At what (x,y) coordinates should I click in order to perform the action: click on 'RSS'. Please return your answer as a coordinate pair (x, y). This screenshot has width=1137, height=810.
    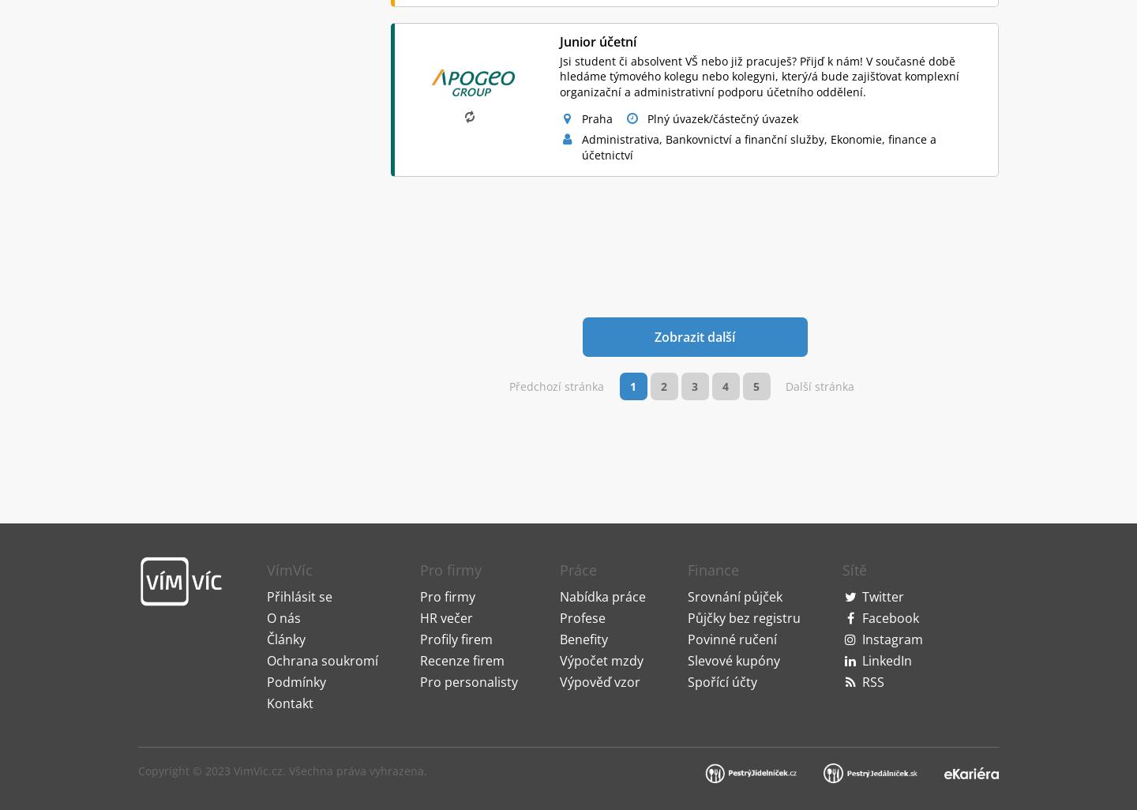
    Looking at the image, I should click on (860, 500).